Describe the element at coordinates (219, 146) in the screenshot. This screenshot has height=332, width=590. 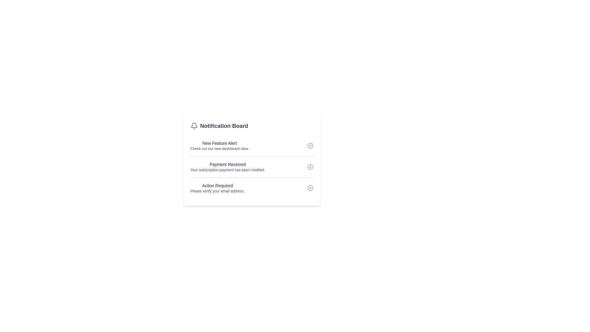
I see `the text block displaying 'New Feature Alert' which is the topmost notification in the Notification Board area` at that location.